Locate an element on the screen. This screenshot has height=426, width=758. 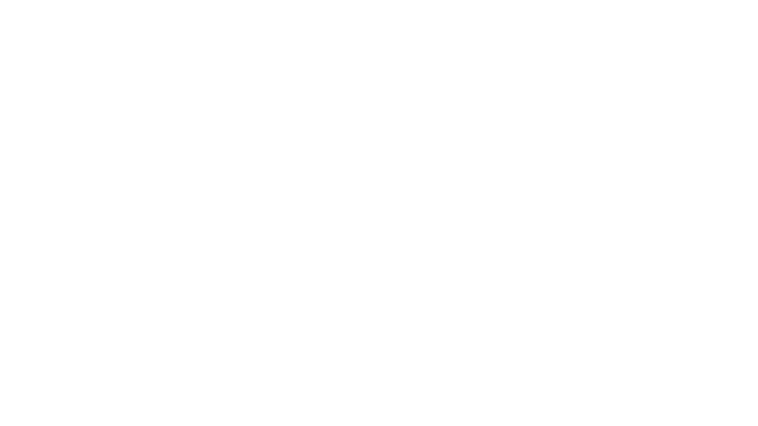
Erick Lopez is located at coordinates (327, 96).